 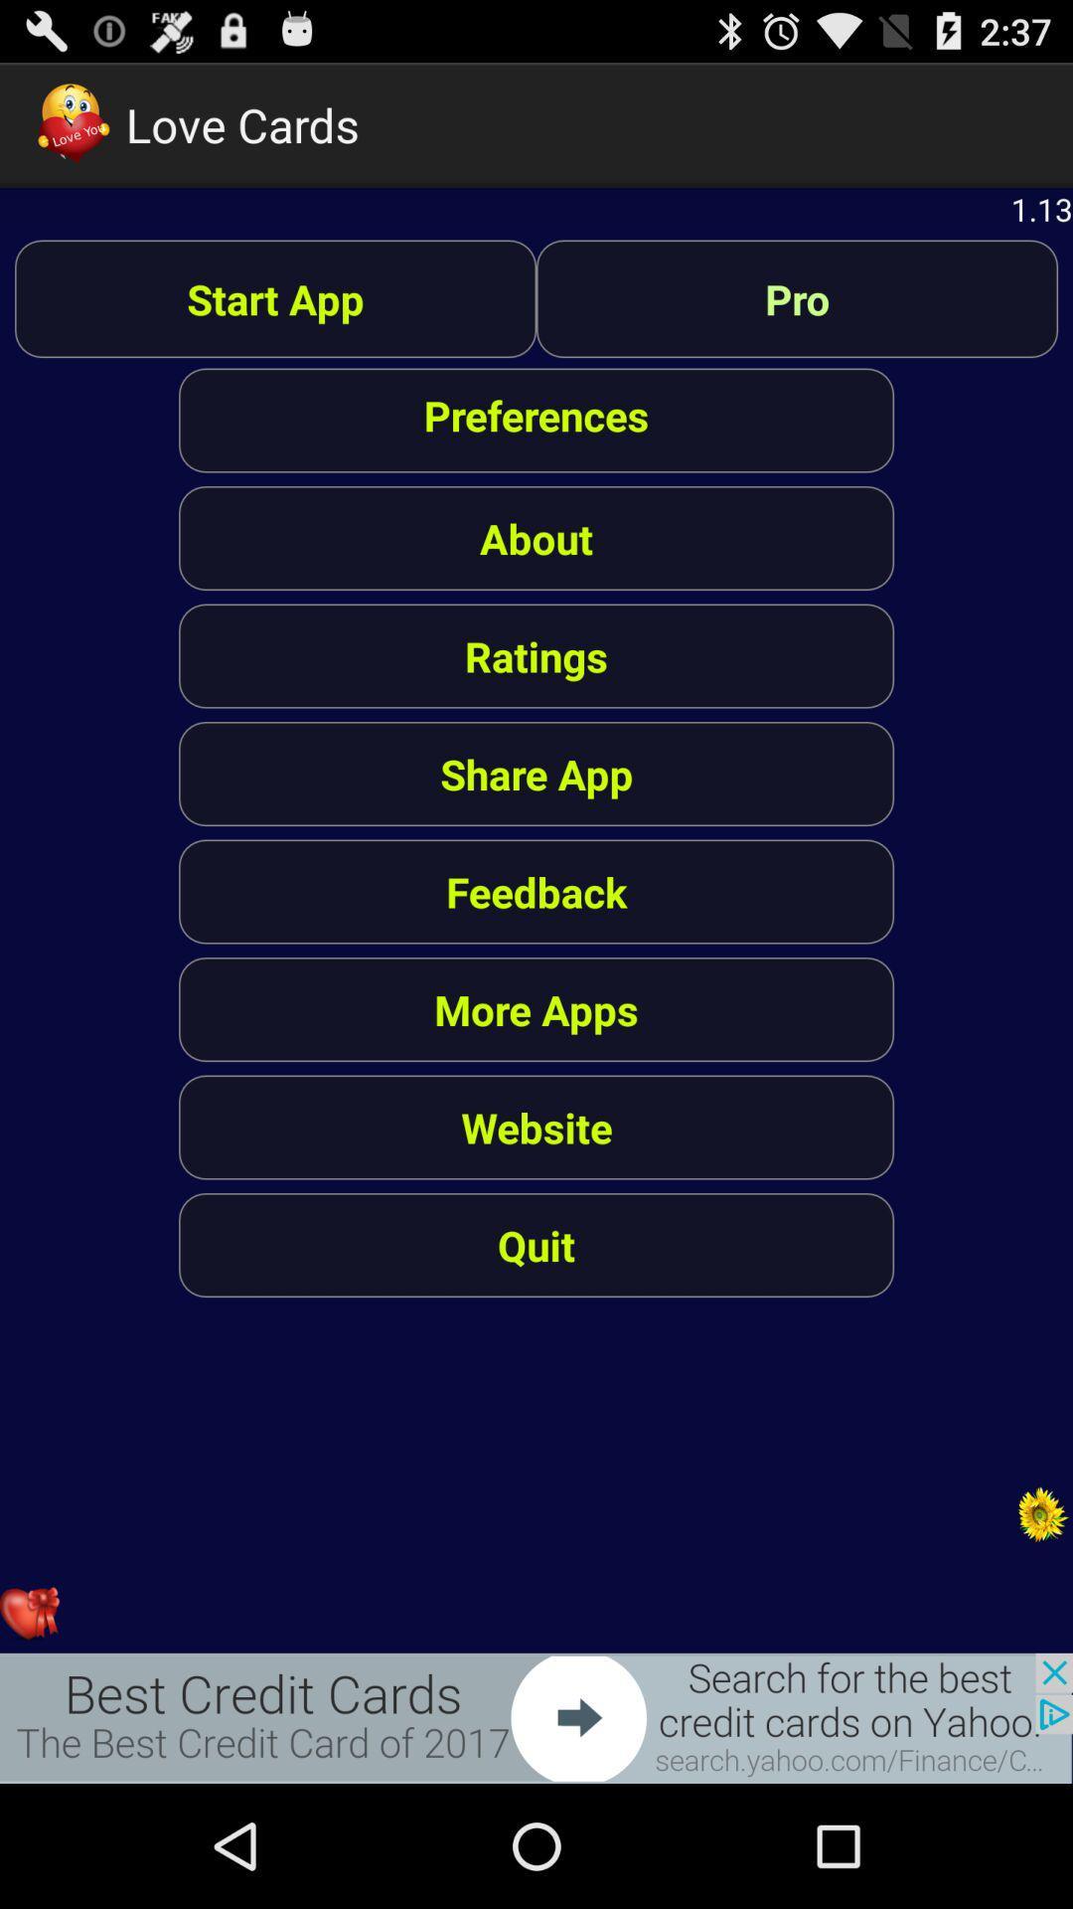 What do you see at coordinates (536, 1717) in the screenshot?
I see `advertisement link` at bounding box center [536, 1717].